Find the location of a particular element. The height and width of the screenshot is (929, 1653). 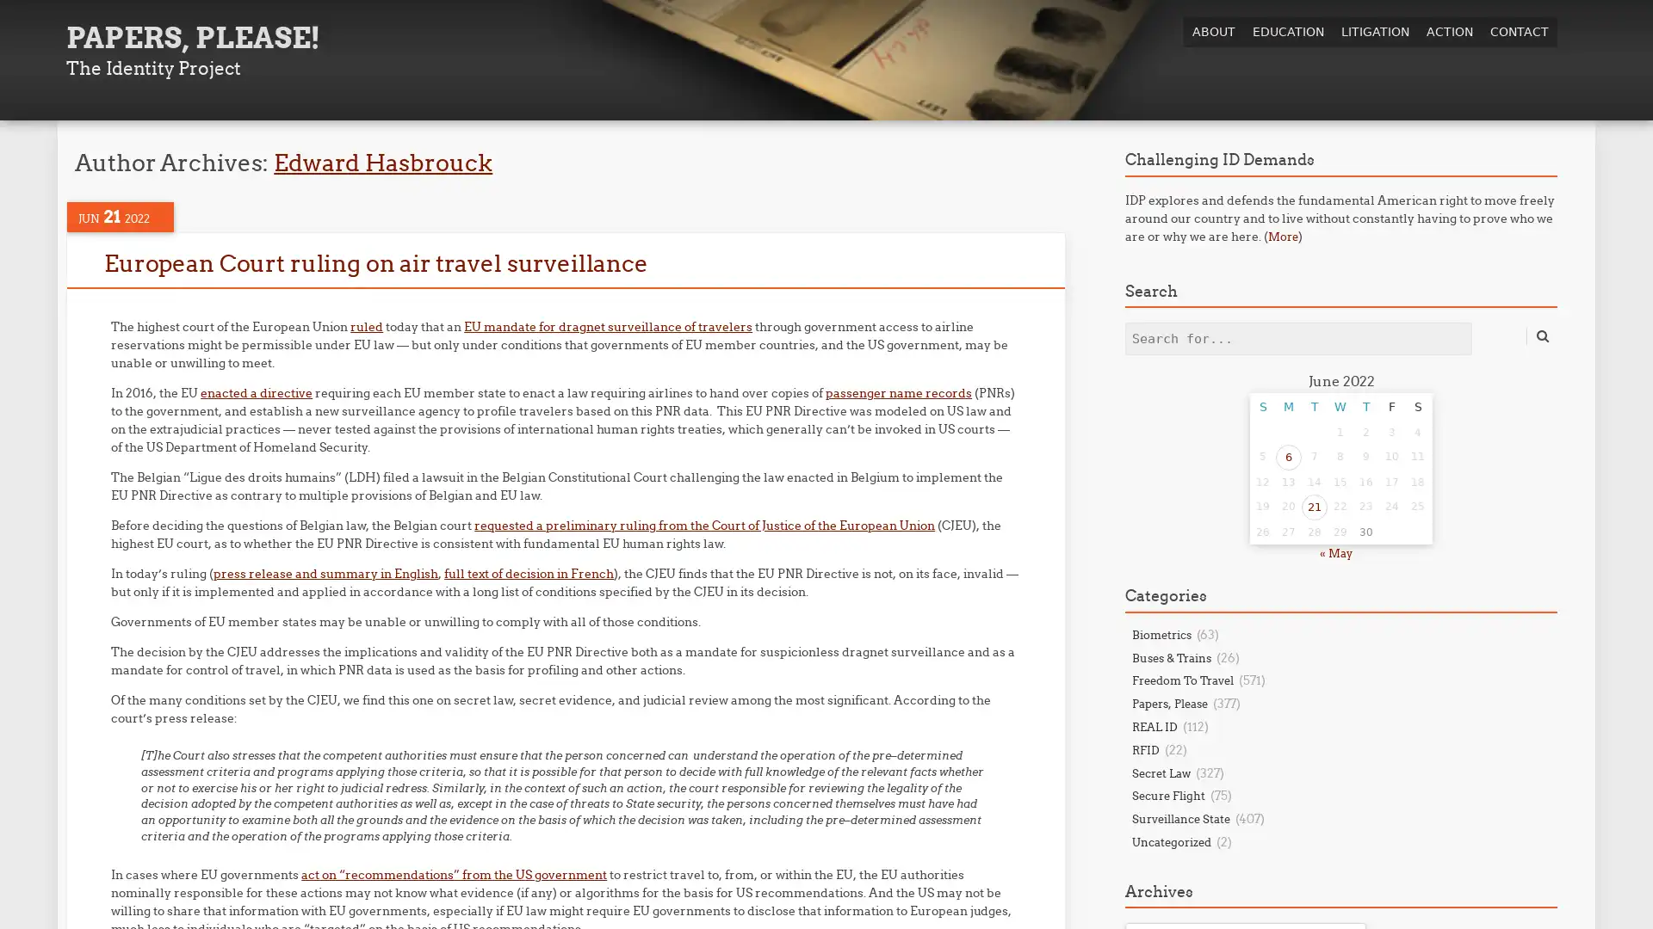

Search is located at coordinates (1541, 335).